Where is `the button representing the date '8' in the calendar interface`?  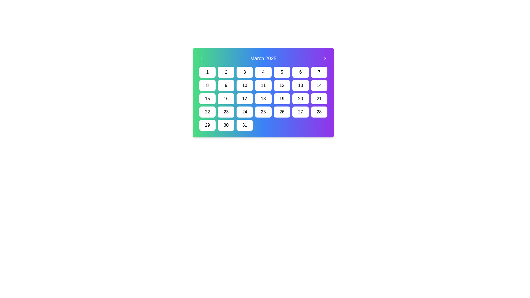
the button representing the date '8' in the calendar interface is located at coordinates (207, 85).